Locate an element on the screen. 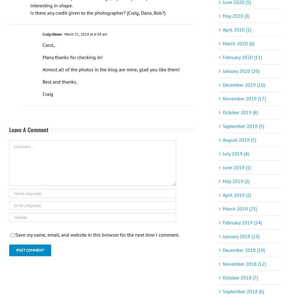 This screenshot has width=291, height=296. 'May 2019 (2)' is located at coordinates (236, 181).